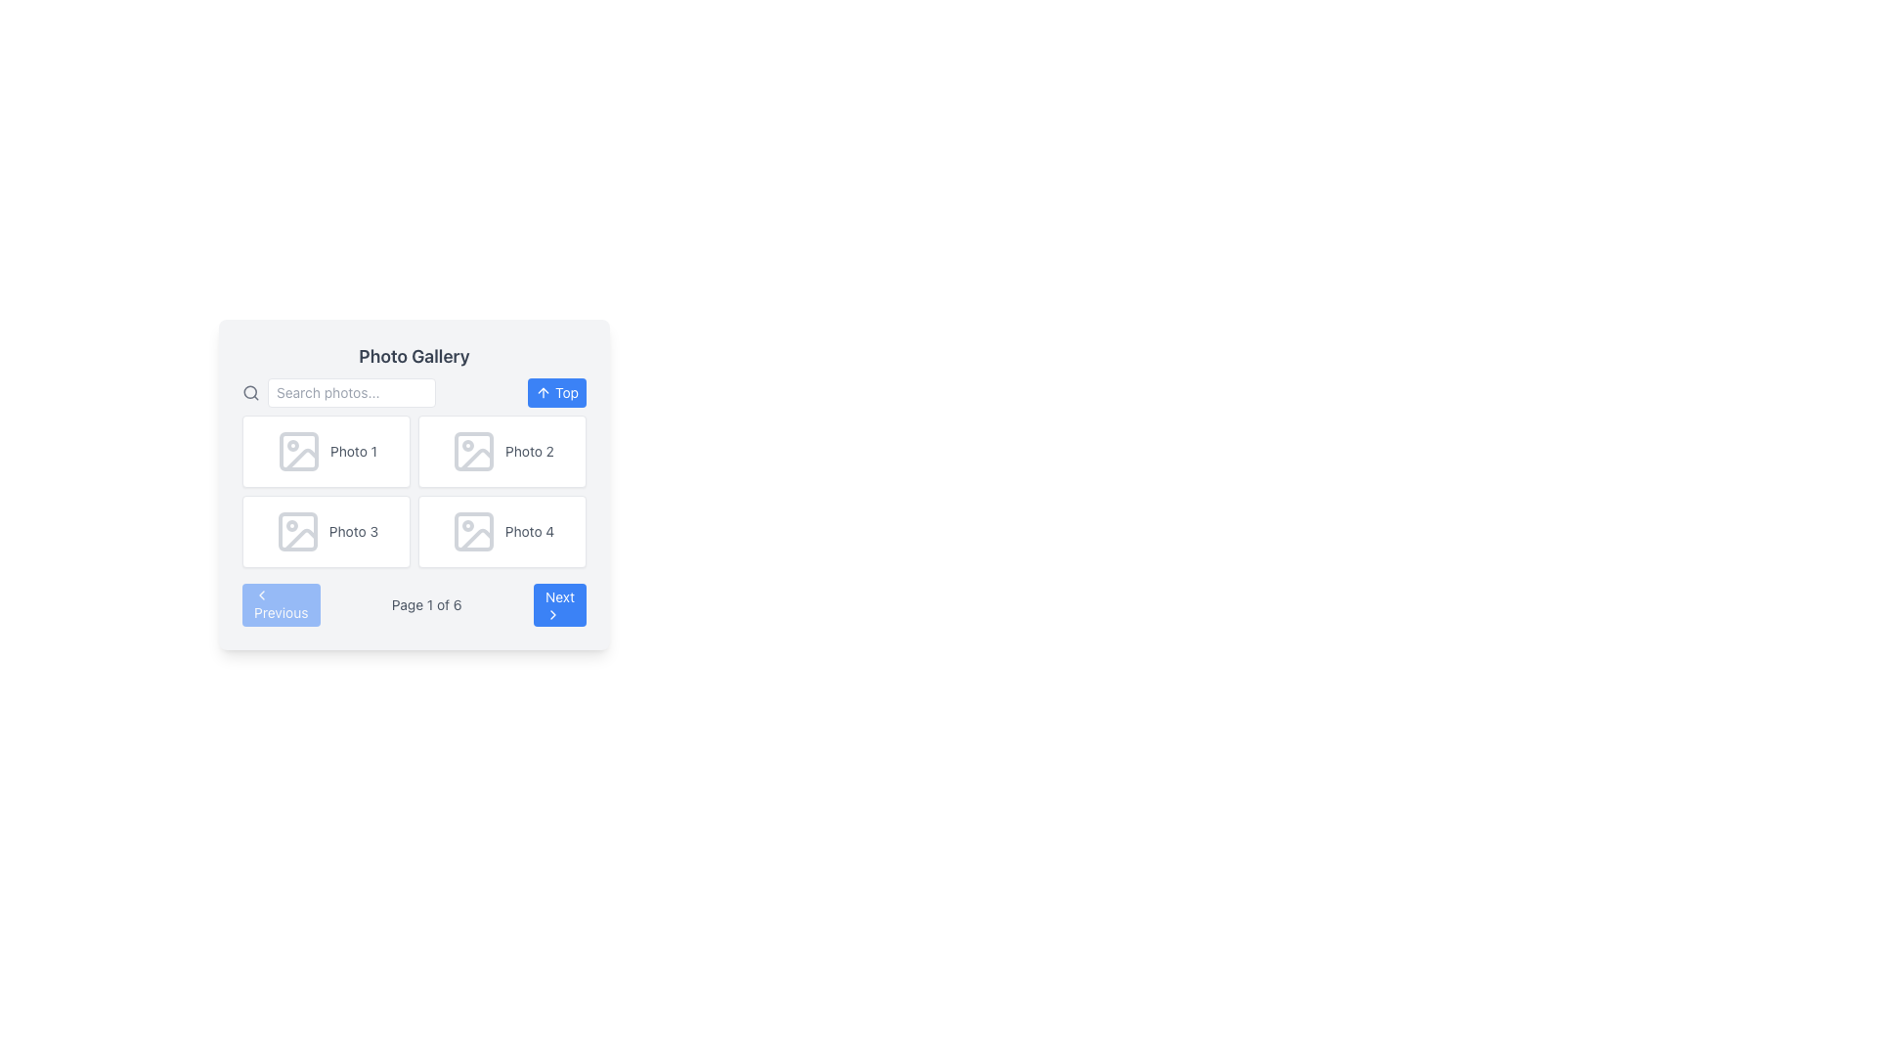 This screenshot has height=1056, width=1877. Describe the element at coordinates (280, 603) in the screenshot. I see `the 'Previous' button located at the bottom left of the pagination bar` at that location.